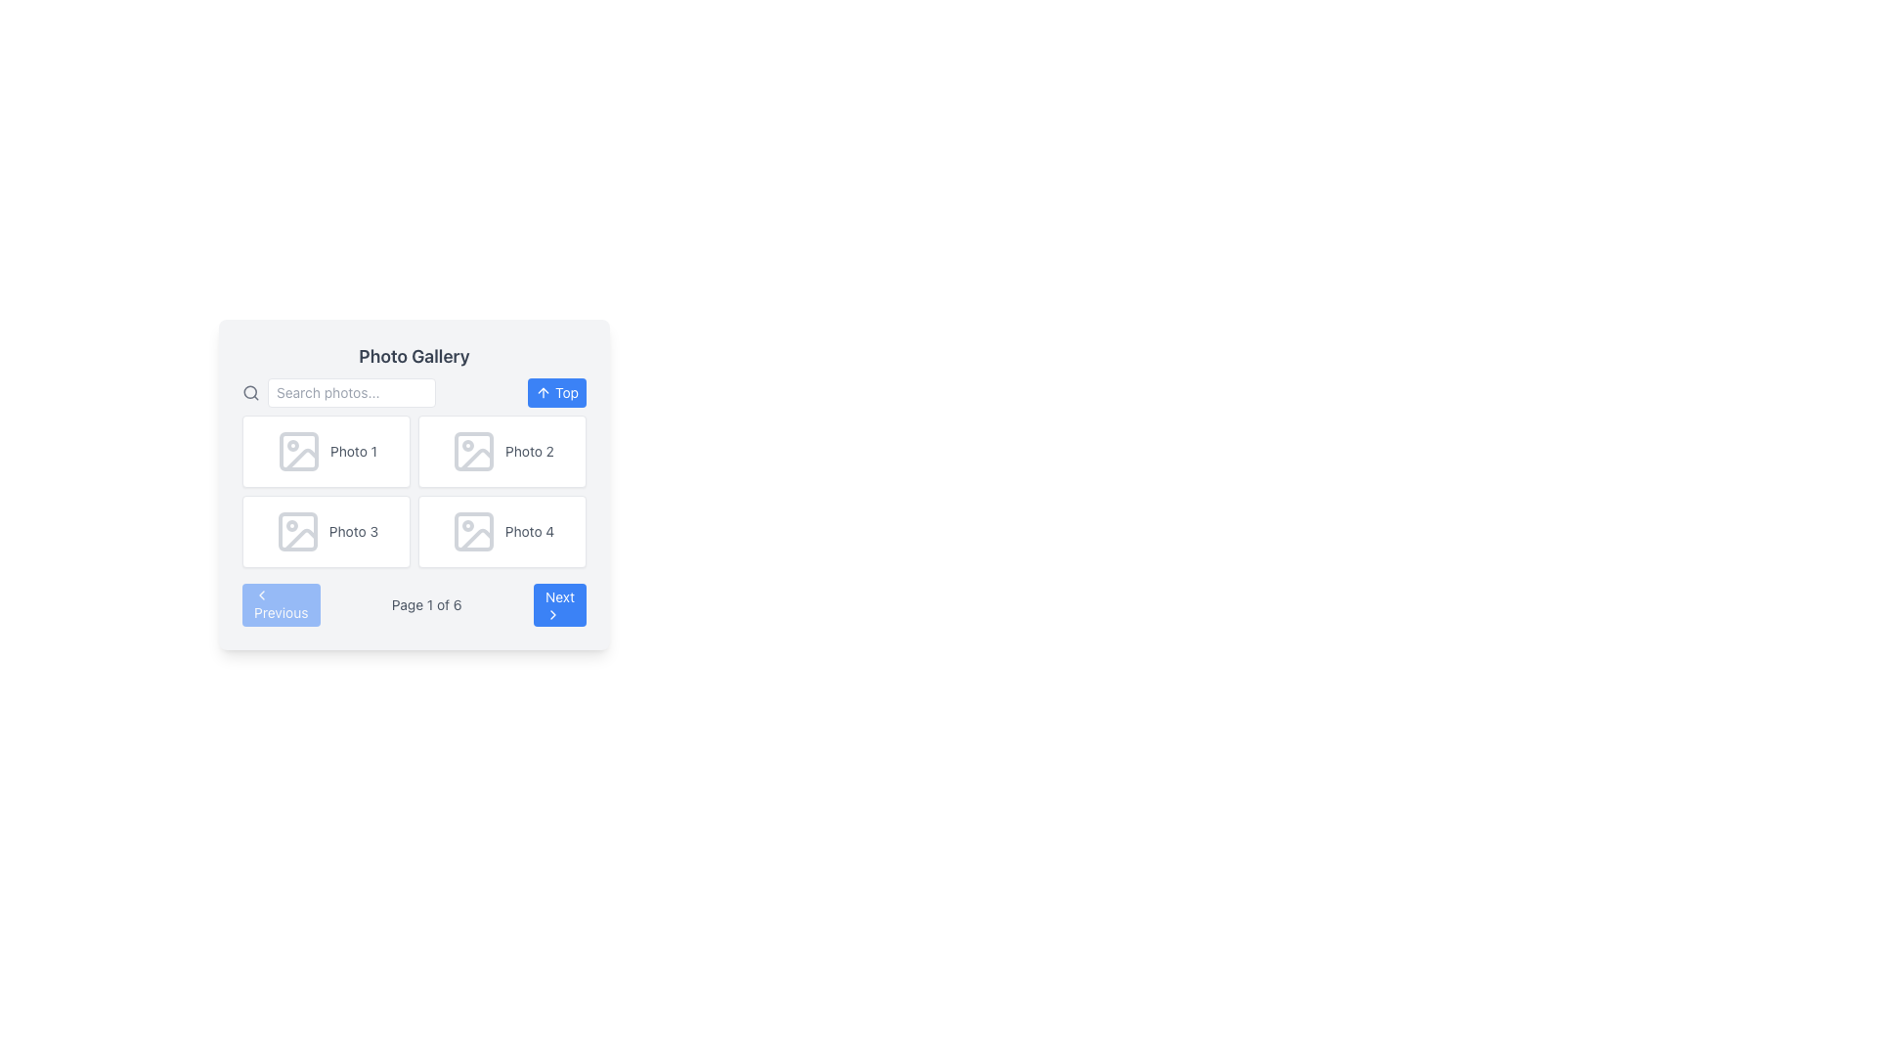 This screenshot has height=1056, width=1877. Describe the element at coordinates (280, 603) in the screenshot. I see `the 'Previous' button located at the bottom left of the pagination bar` at that location.